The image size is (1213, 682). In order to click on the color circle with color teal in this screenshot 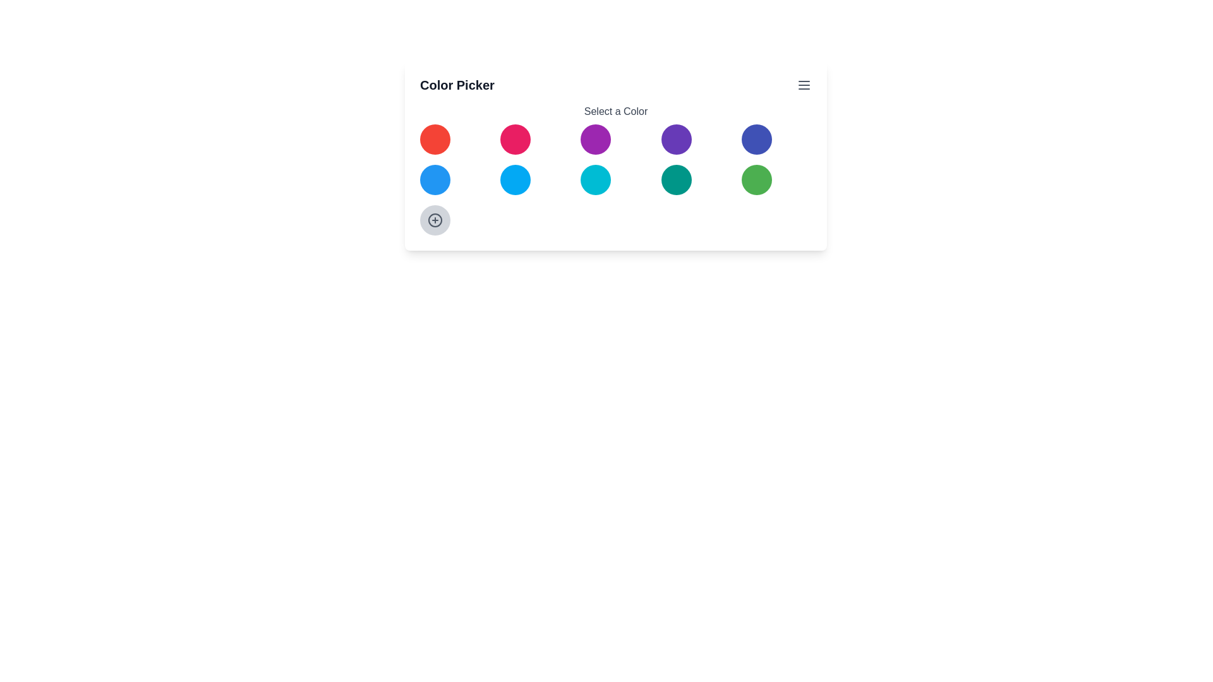, I will do `click(675, 180)`.